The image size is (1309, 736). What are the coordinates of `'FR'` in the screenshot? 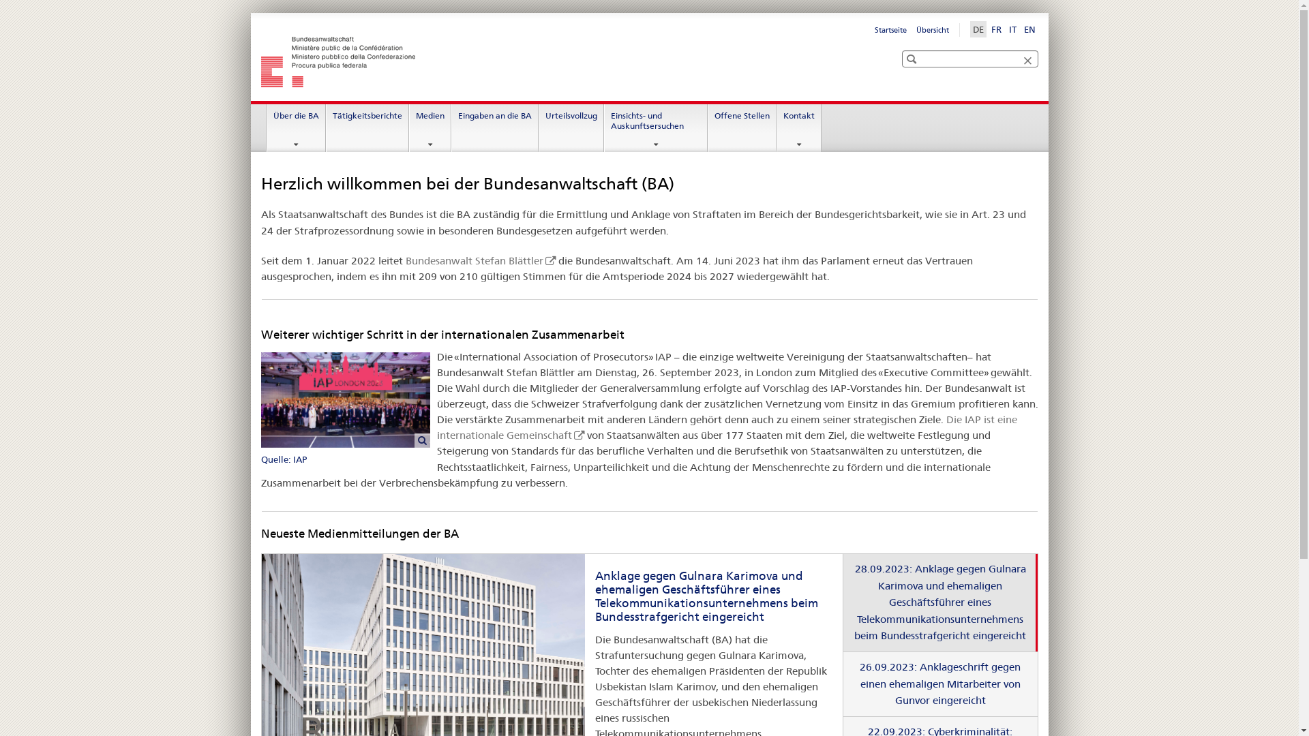 It's located at (996, 29).